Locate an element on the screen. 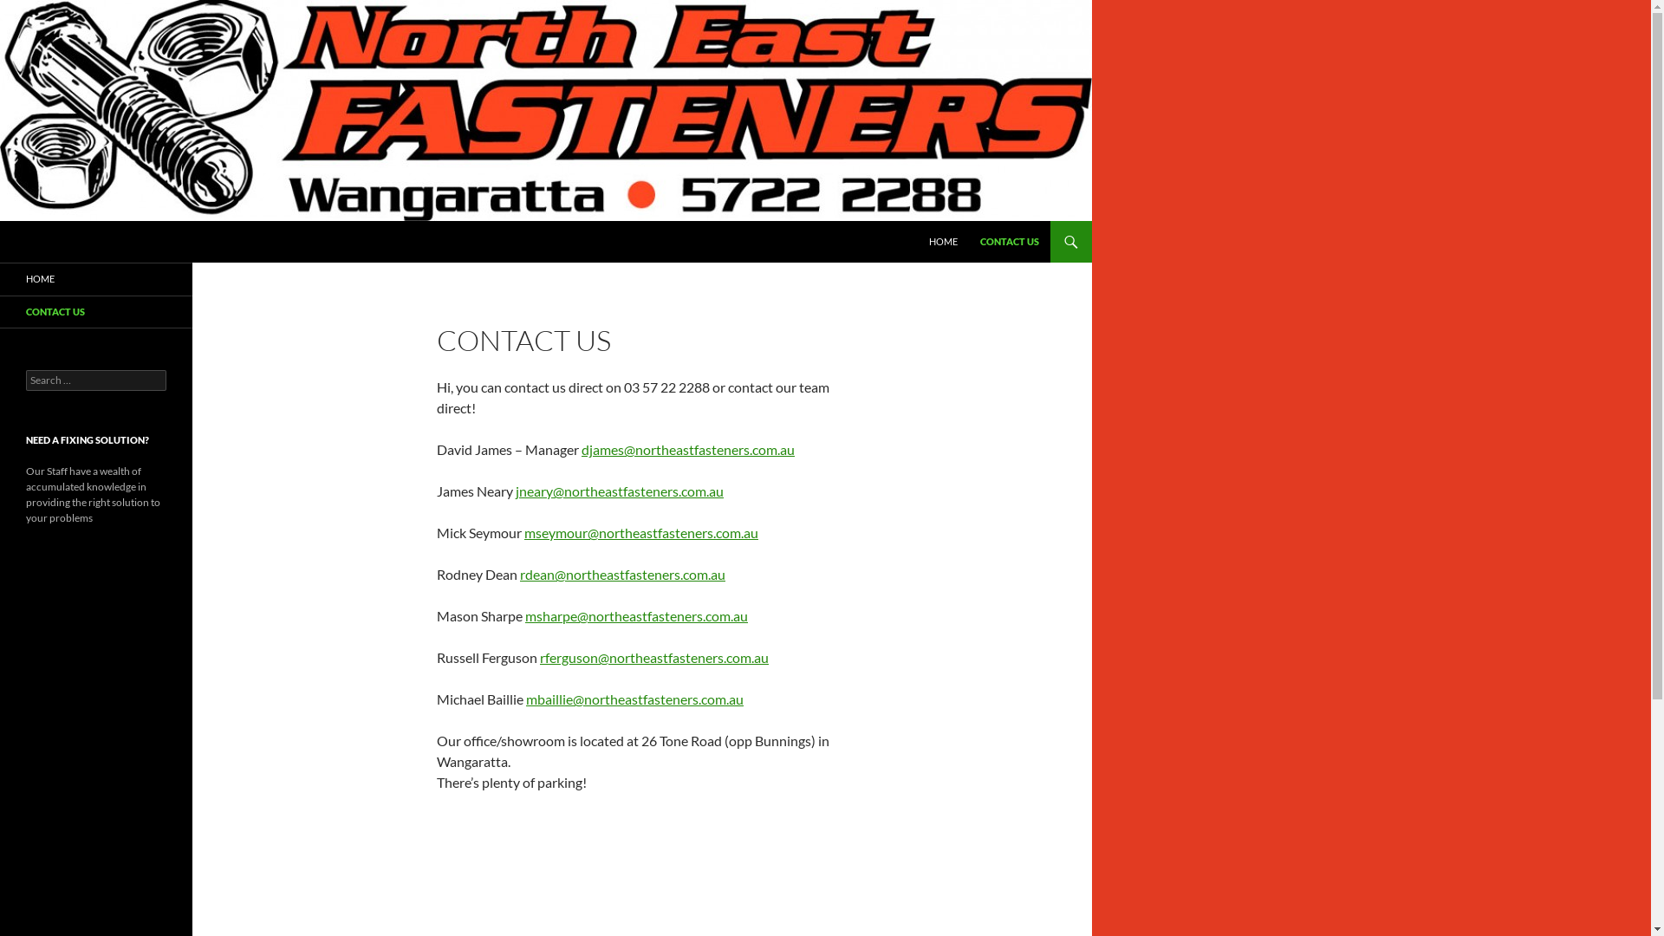 The image size is (1664, 936). 'rferguson@northeastfasteners.com.au' is located at coordinates (653, 657).